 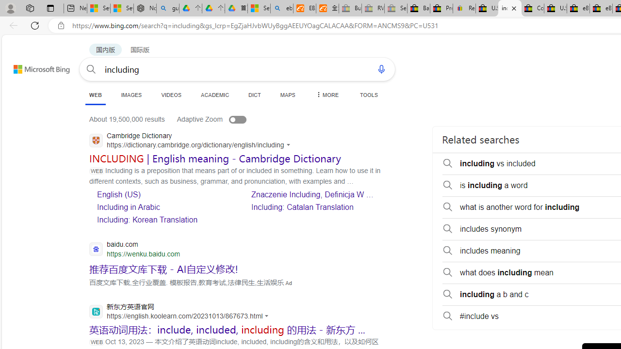 I want to click on 'Sell worldwide with eBay - Sleeping', so click(x=395, y=8).